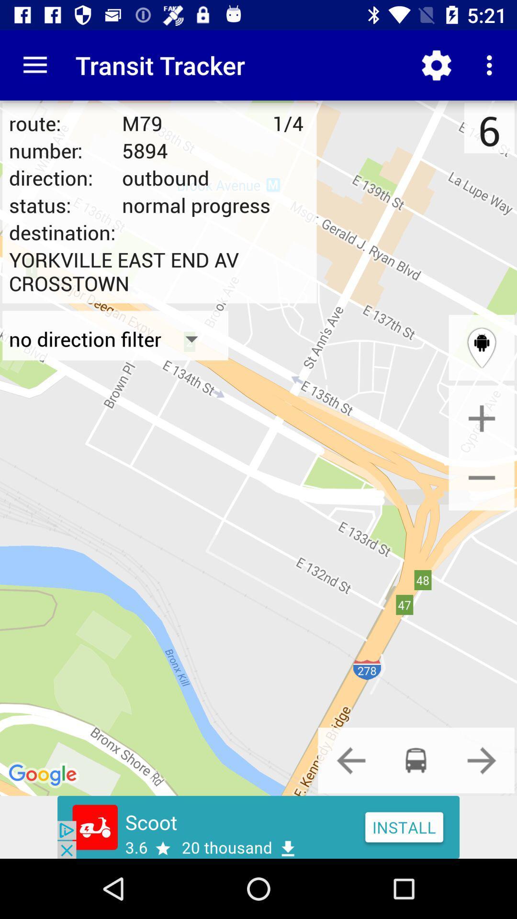 The height and width of the screenshot is (919, 517). What do you see at coordinates (258, 827) in the screenshot?
I see `scoot app advertisement banner` at bounding box center [258, 827].